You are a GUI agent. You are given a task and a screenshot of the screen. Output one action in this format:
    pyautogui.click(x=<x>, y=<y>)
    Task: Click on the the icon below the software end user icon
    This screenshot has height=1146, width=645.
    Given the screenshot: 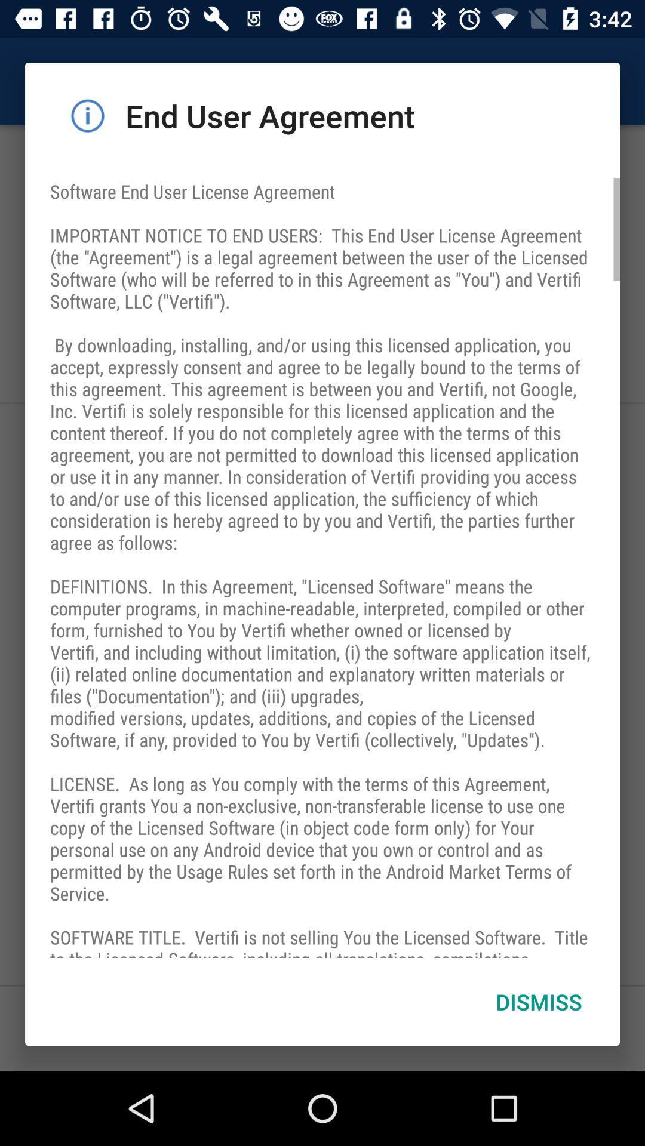 What is the action you would take?
    pyautogui.click(x=539, y=1002)
    